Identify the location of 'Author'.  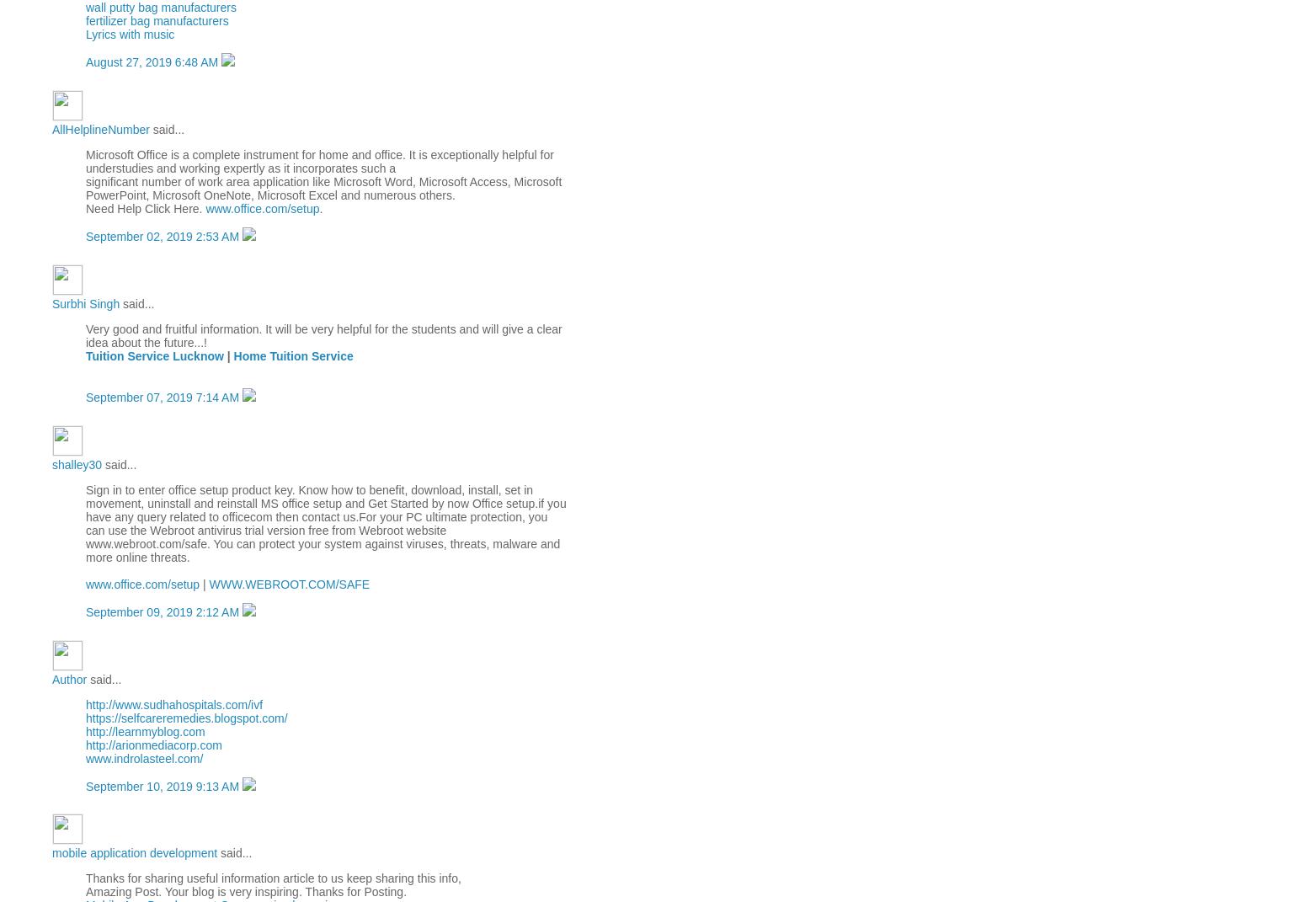
(68, 678).